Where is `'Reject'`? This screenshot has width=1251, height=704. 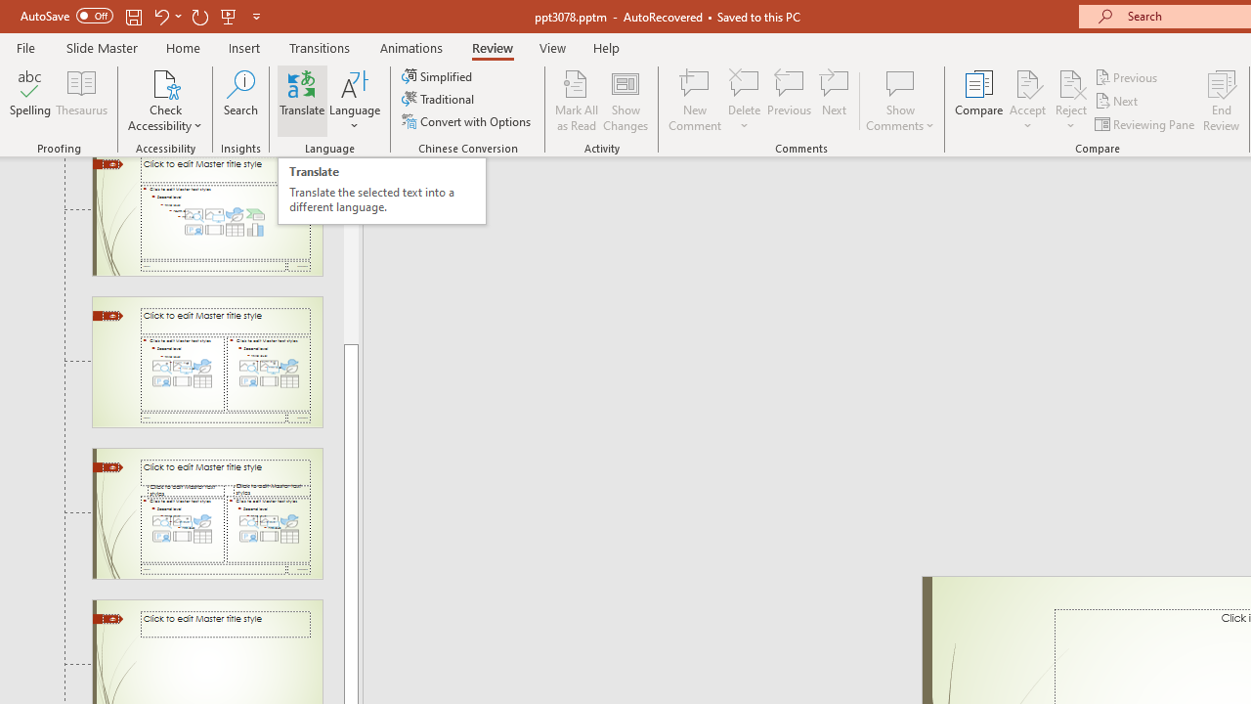 'Reject' is located at coordinates (1070, 101).